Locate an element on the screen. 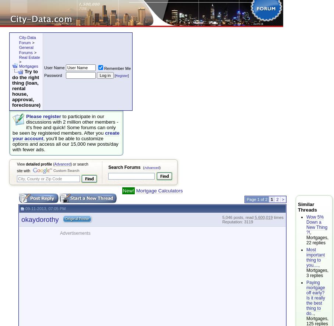  'Try to do the right thing (loan, rental house, approval, foreclosure)' is located at coordinates (26, 88).